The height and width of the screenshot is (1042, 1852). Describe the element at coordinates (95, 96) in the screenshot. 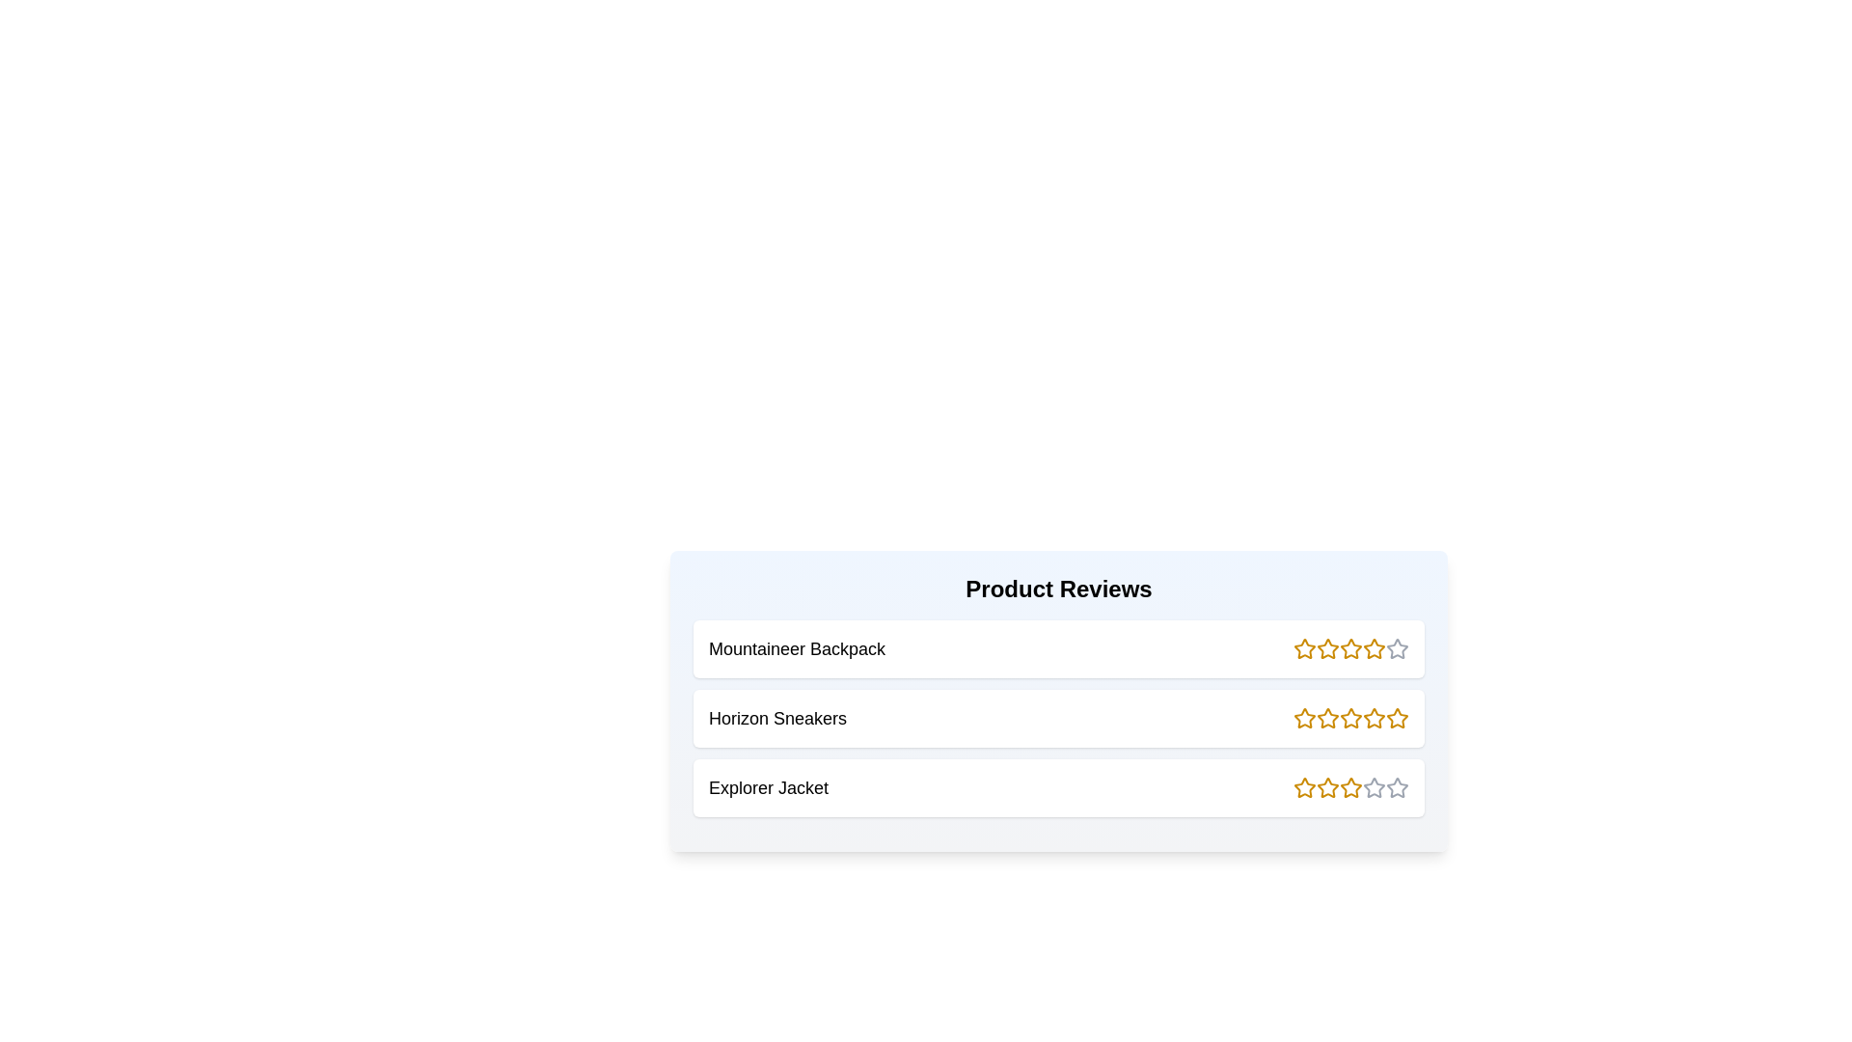

I see `the background area to dismiss focus` at that location.